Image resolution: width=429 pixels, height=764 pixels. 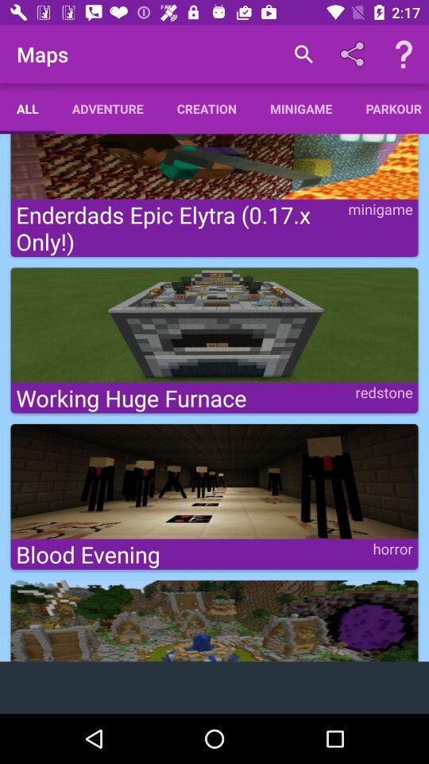 I want to click on creation app, so click(x=207, y=107).